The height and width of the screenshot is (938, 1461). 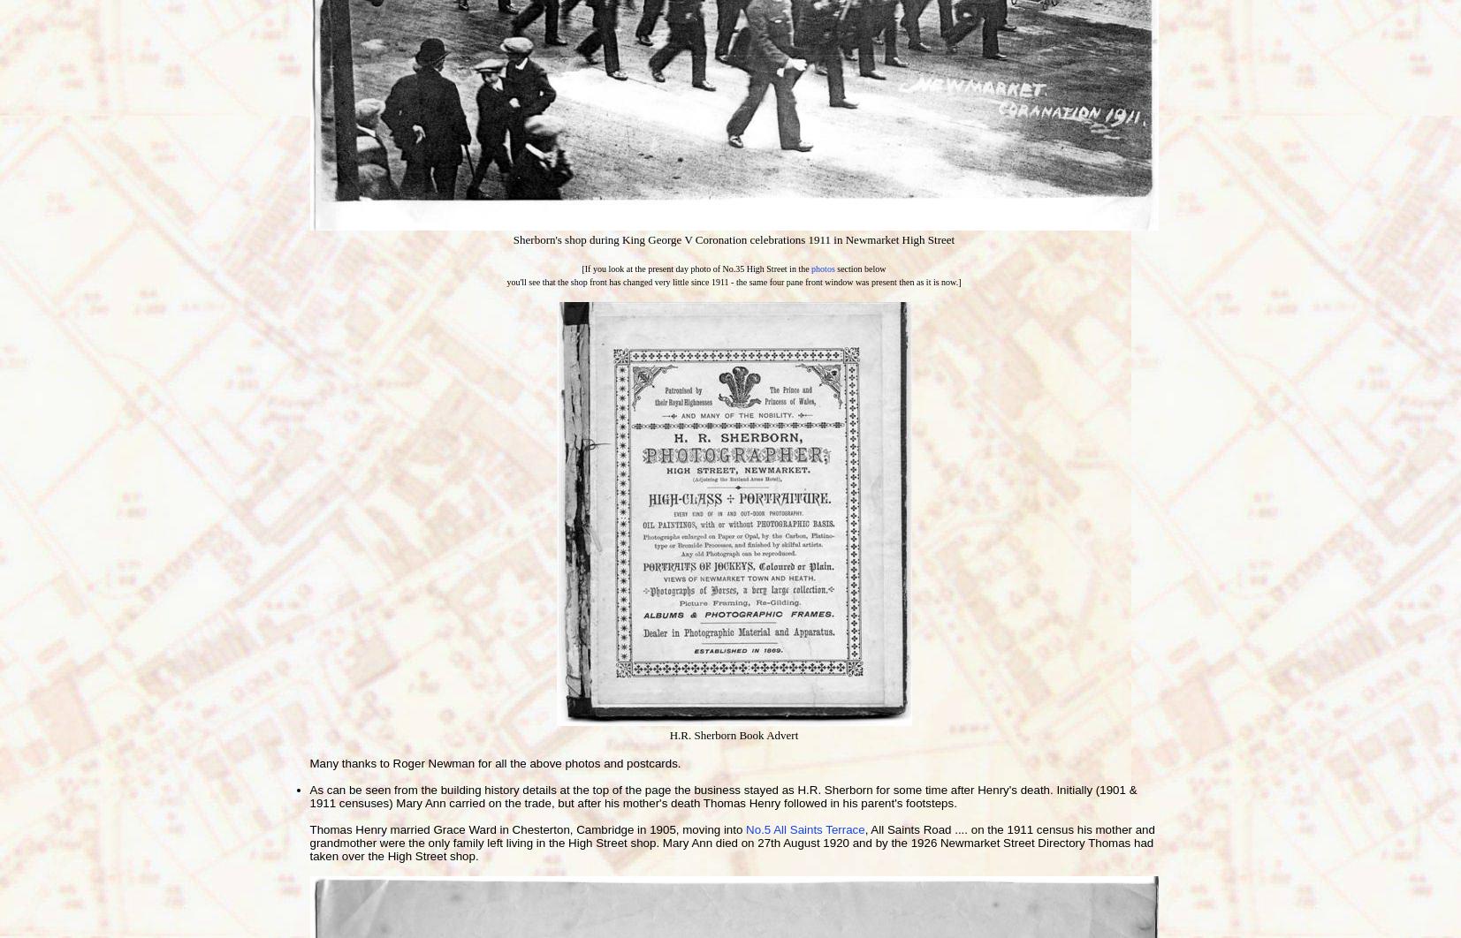 I want to click on 'No.5 All Saints  
              Terrace', so click(x=746, y=828).